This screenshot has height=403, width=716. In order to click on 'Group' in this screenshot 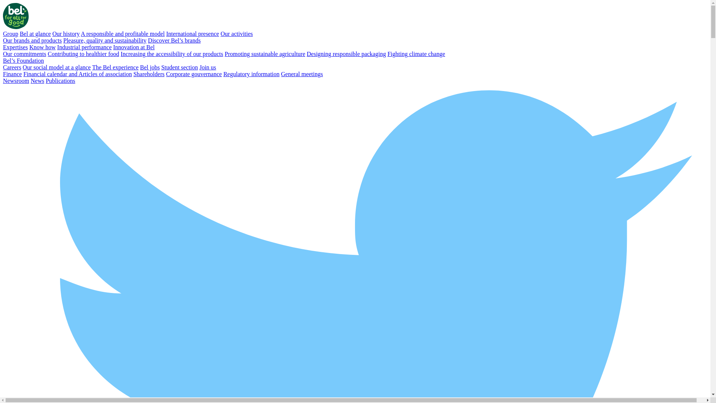, I will do `click(10, 34)`.